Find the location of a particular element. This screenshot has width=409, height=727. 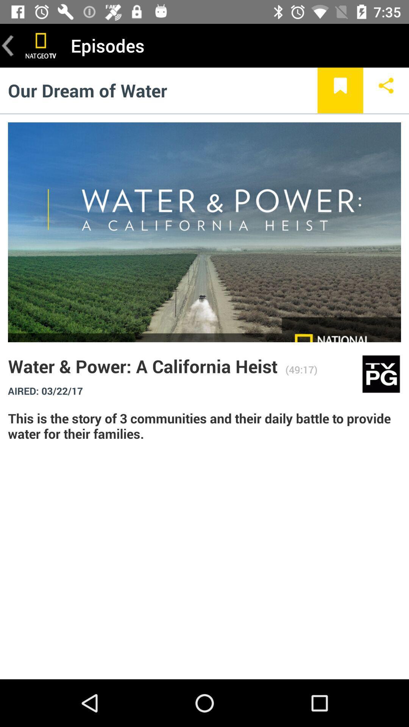

the item below the episodes is located at coordinates (386, 90).